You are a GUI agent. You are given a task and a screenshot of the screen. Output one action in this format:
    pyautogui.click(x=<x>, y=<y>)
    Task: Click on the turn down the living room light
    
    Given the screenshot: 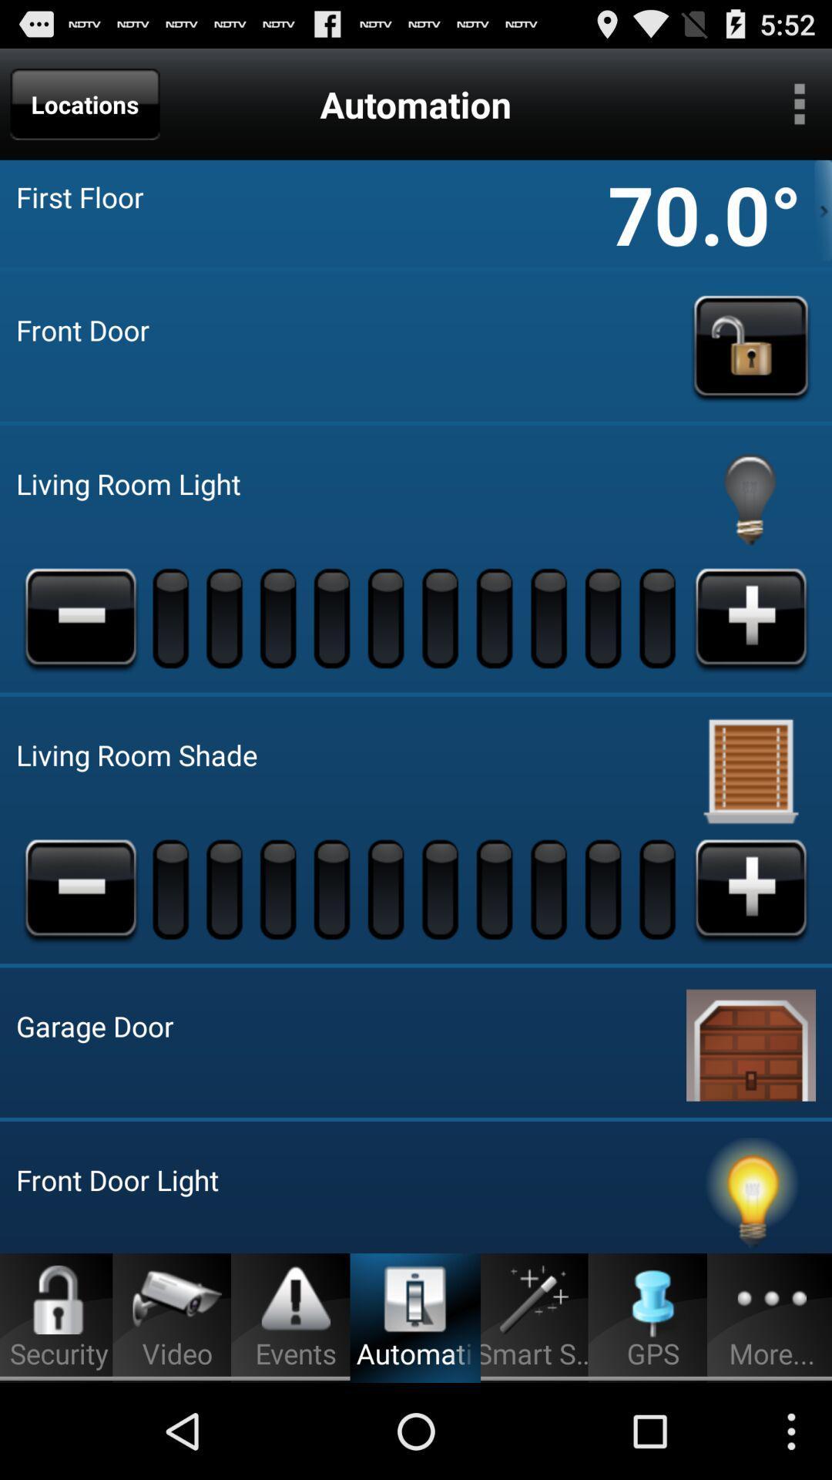 What is the action you would take?
    pyautogui.click(x=80, y=617)
    